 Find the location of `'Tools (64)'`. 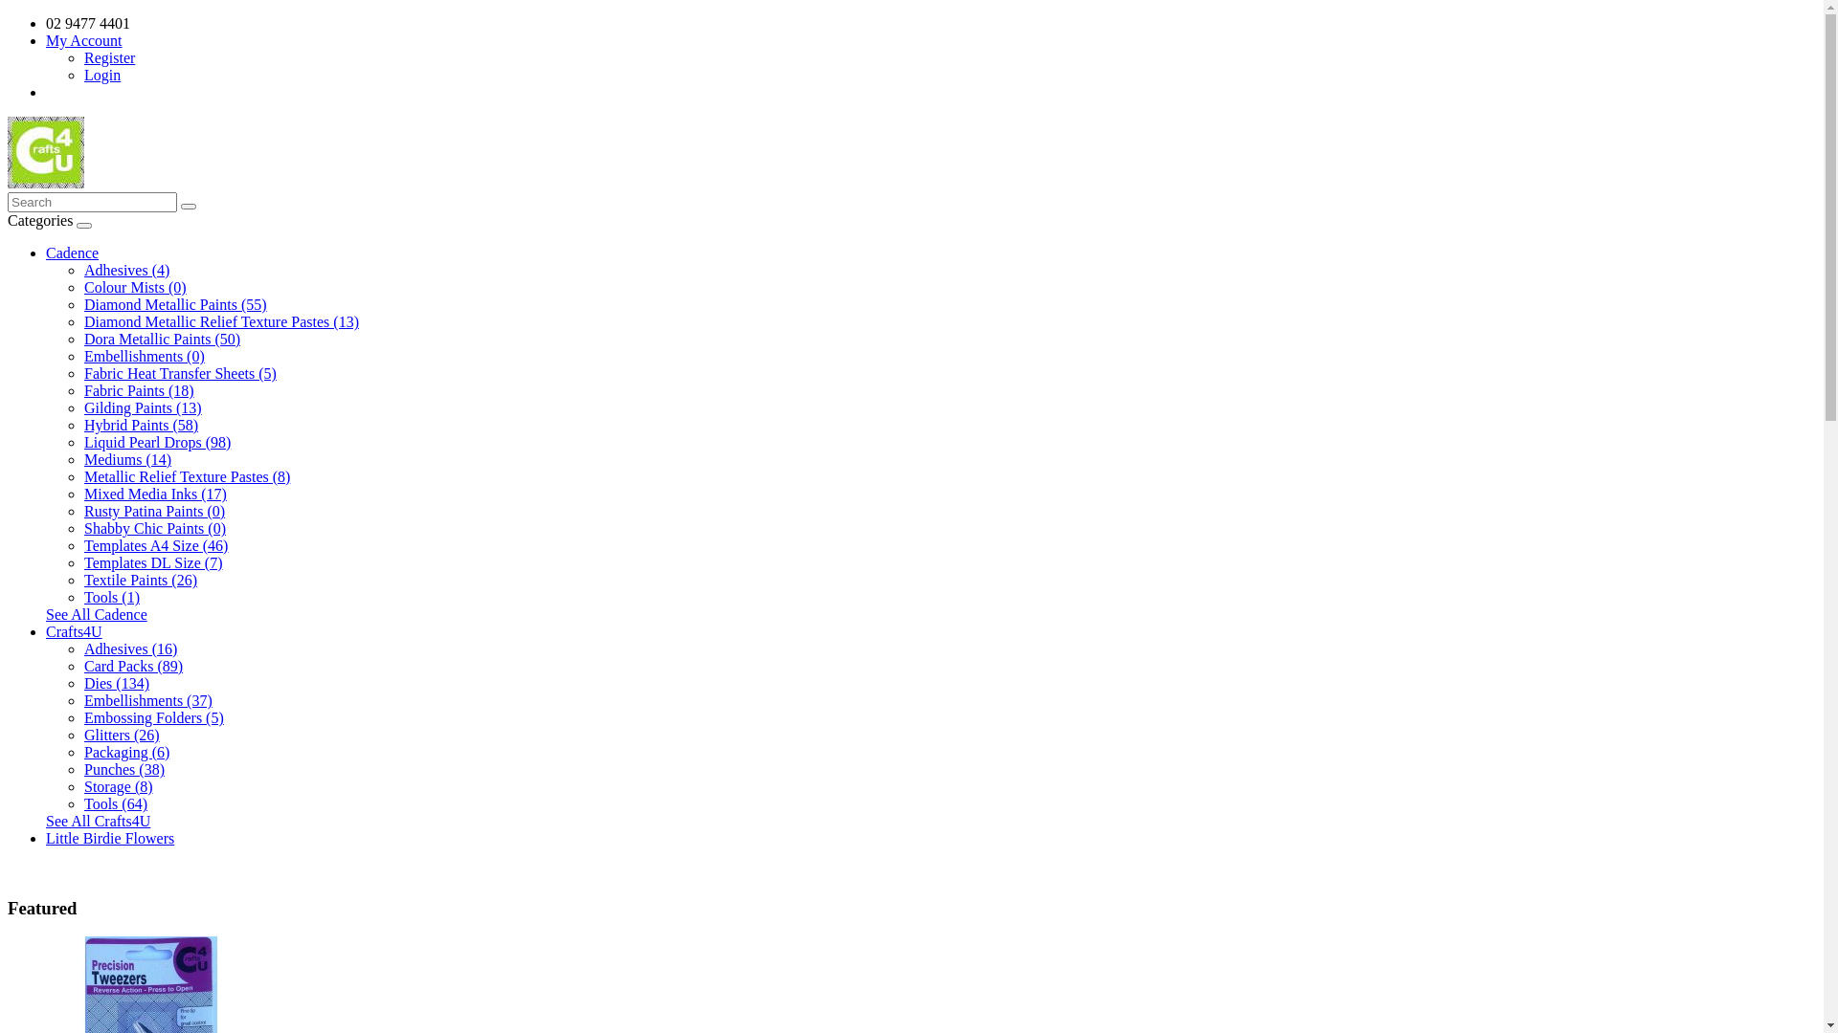

'Tools (64)' is located at coordinates (114, 803).